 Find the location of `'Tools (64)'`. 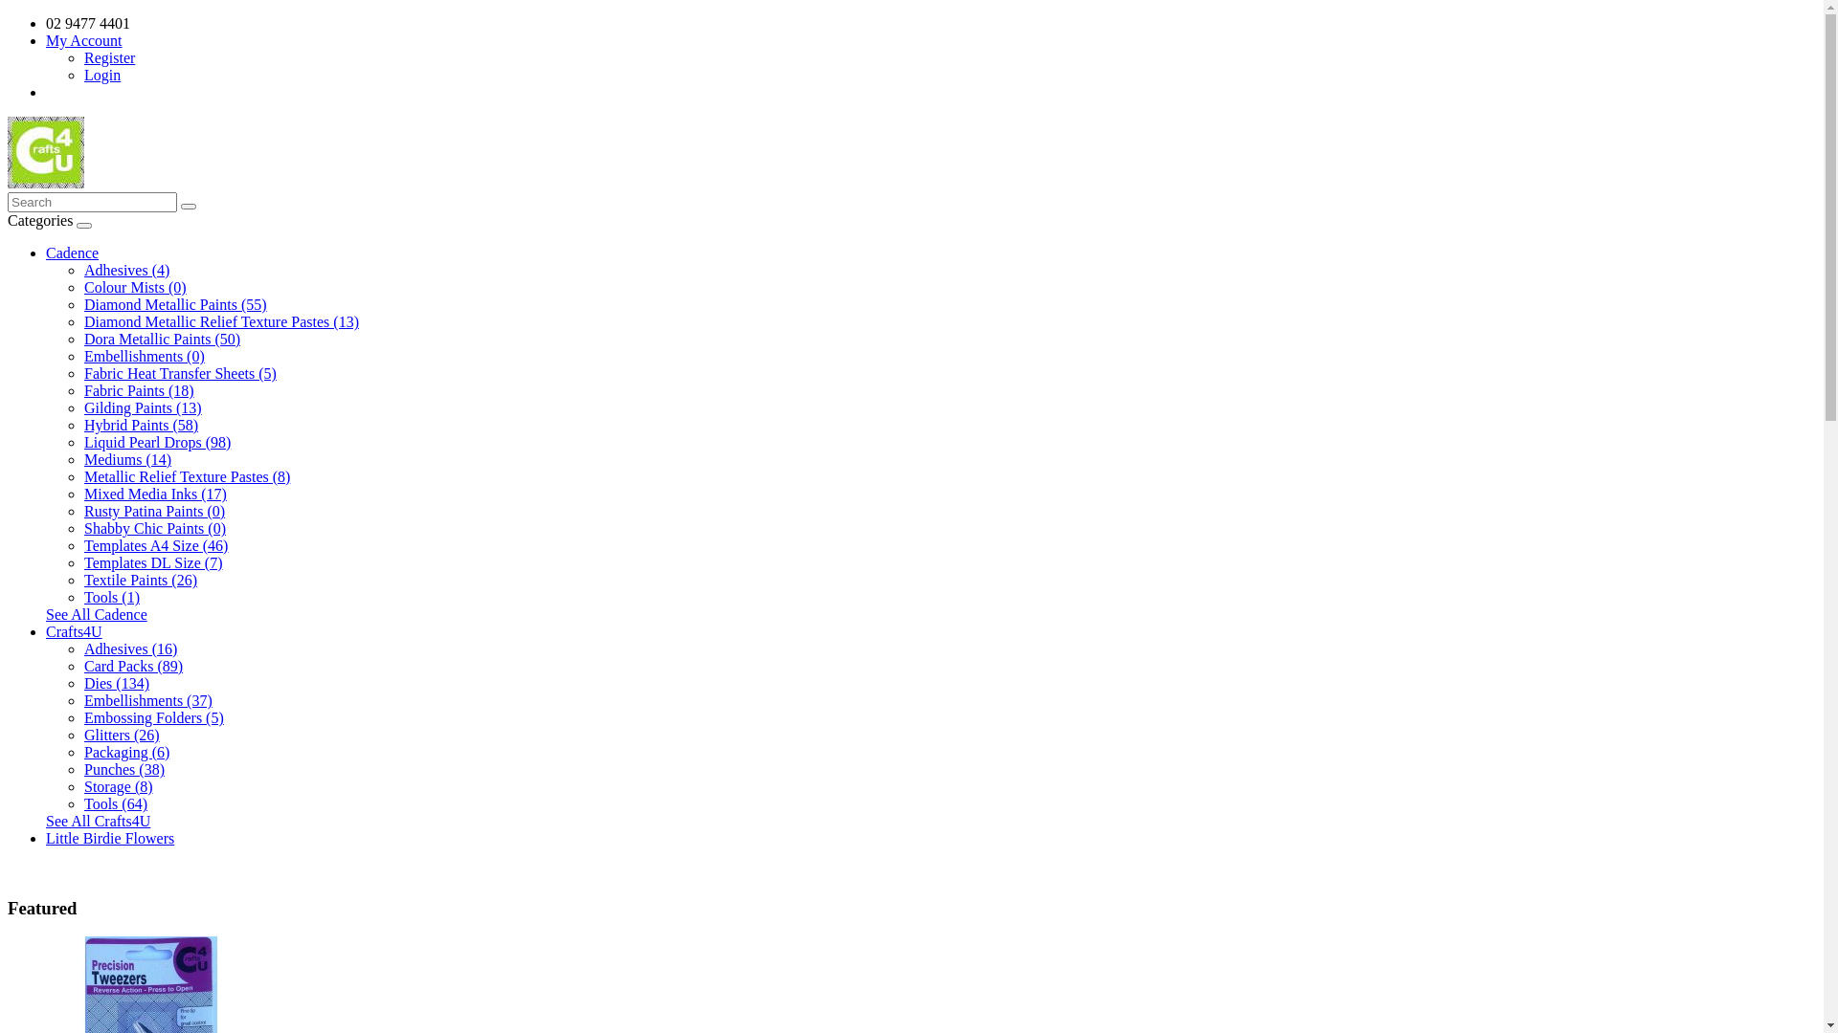

'Tools (64)' is located at coordinates (114, 803).